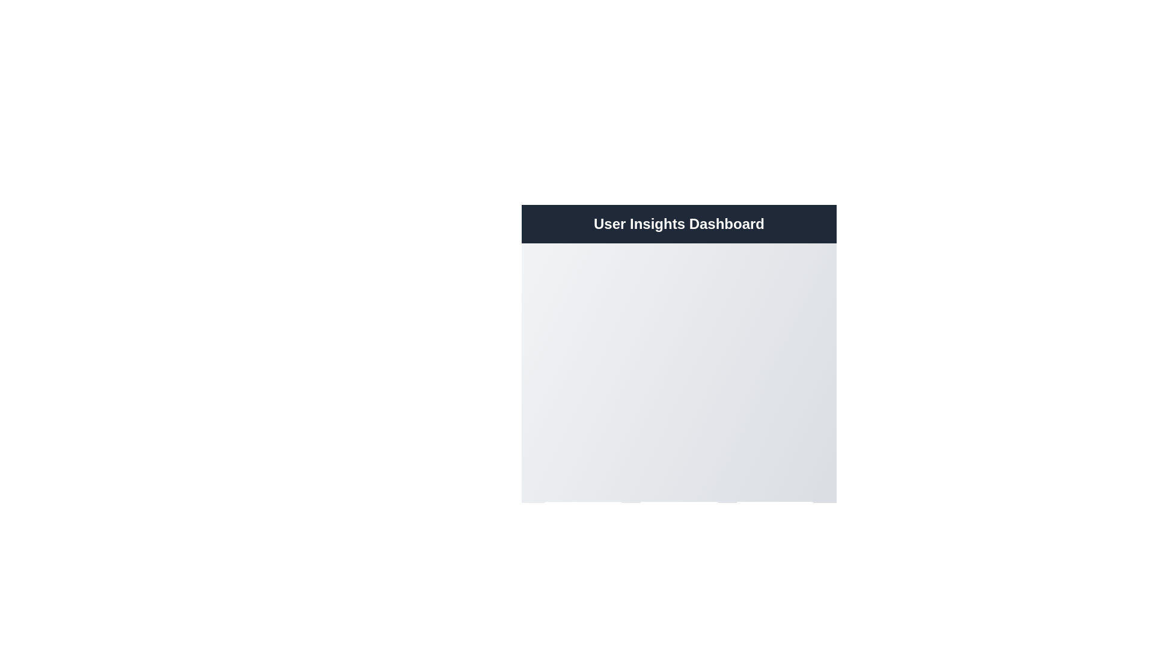 The width and height of the screenshot is (1154, 649). What do you see at coordinates (775, 531) in the screenshot?
I see `the 'Reports' card located at the bottom-right of the interface for keyboard navigation` at bounding box center [775, 531].